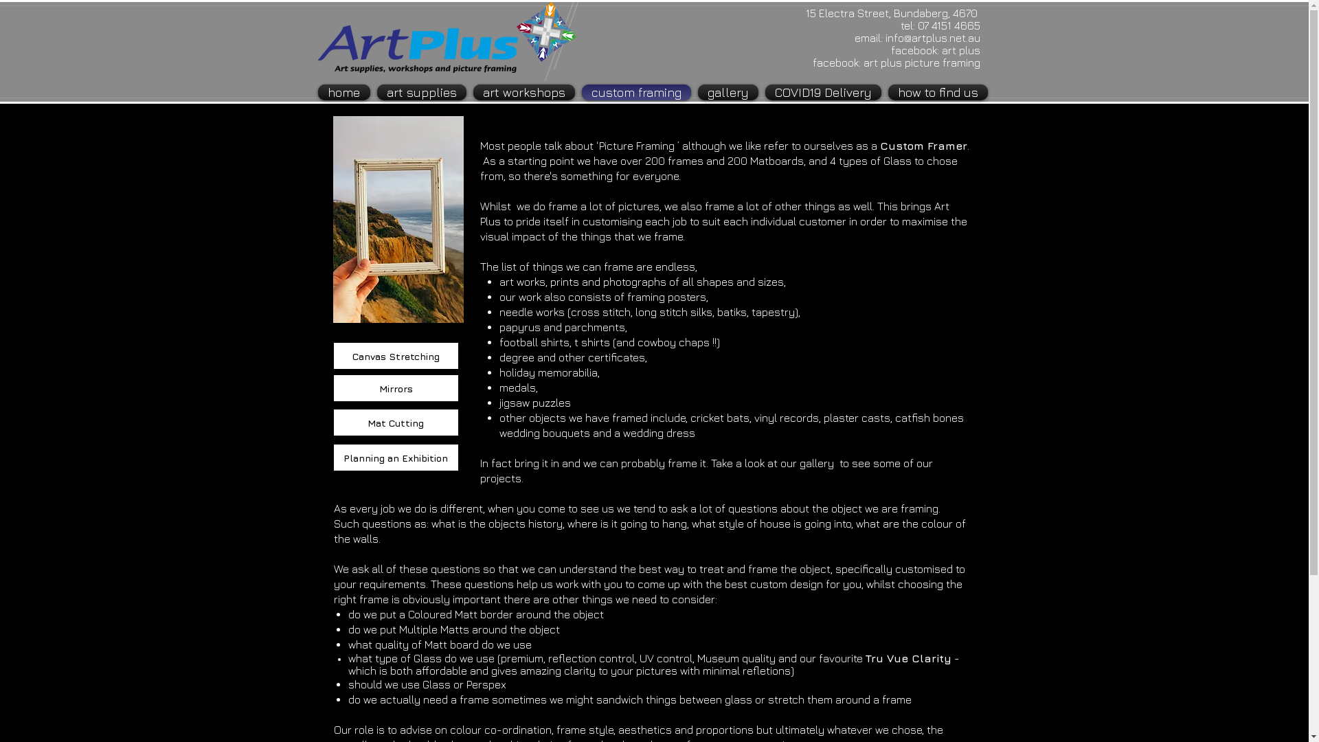 This screenshot has width=1319, height=742. What do you see at coordinates (332, 458) in the screenshot?
I see `'Planning an Exhibition'` at bounding box center [332, 458].